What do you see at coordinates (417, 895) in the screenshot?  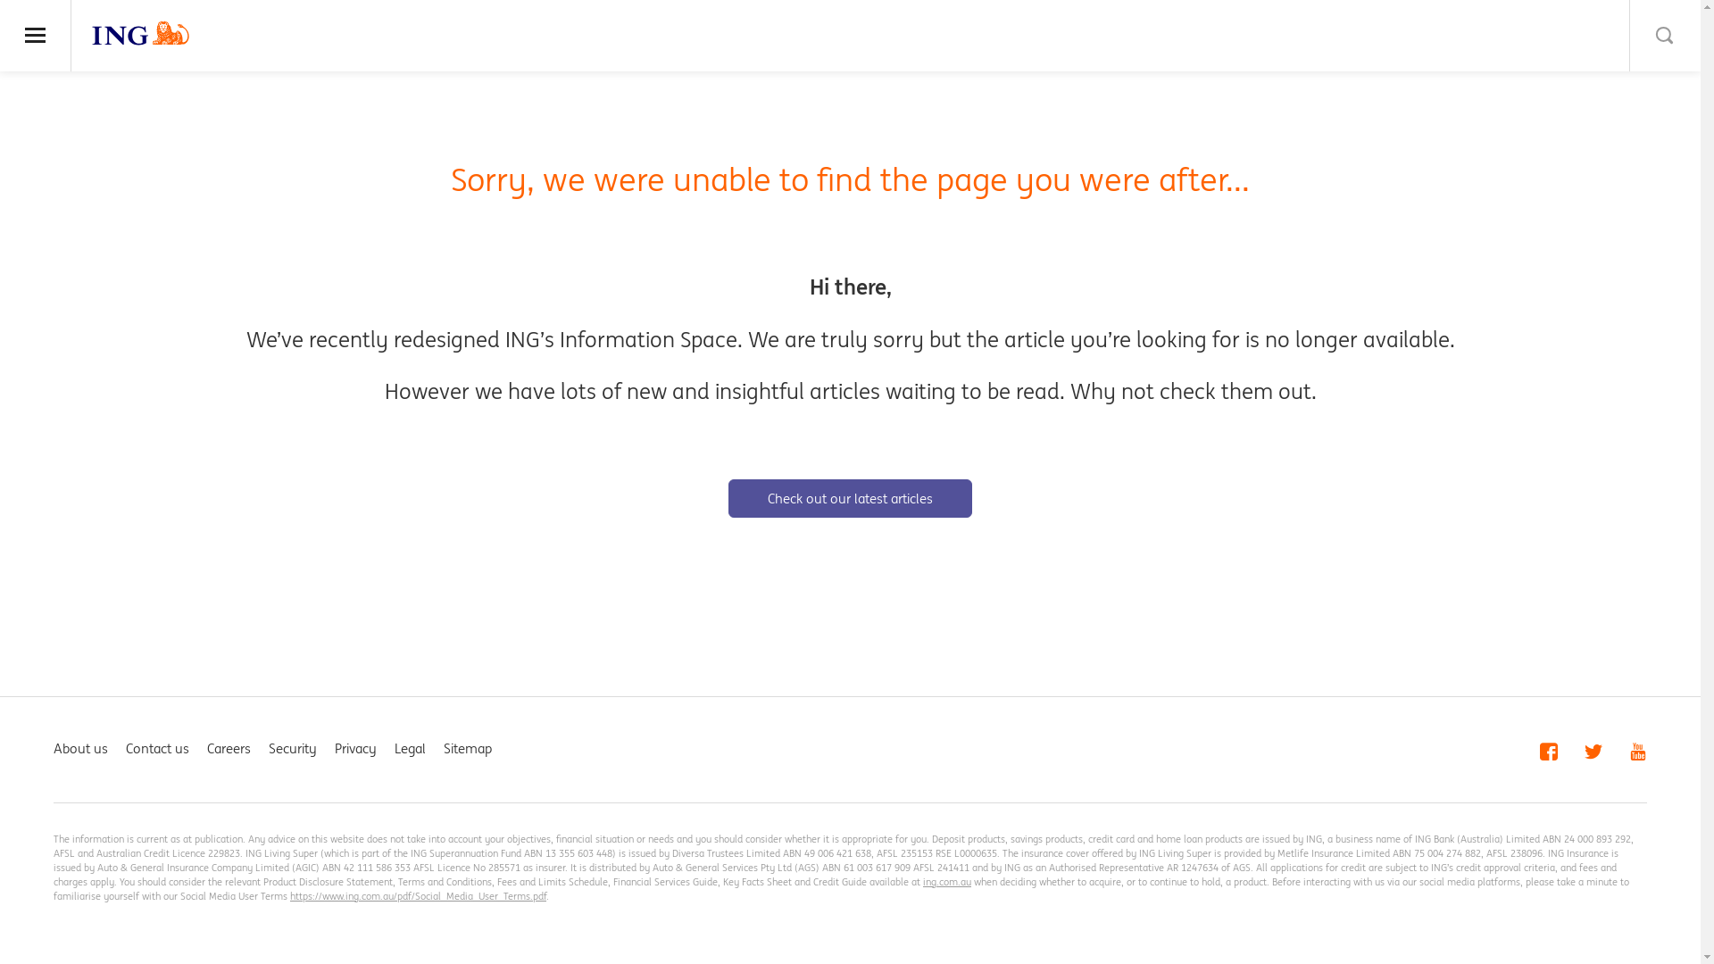 I see `'https://www.ing.com.au/pdf/Social_Media_User_Terms.pdf'` at bounding box center [417, 895].